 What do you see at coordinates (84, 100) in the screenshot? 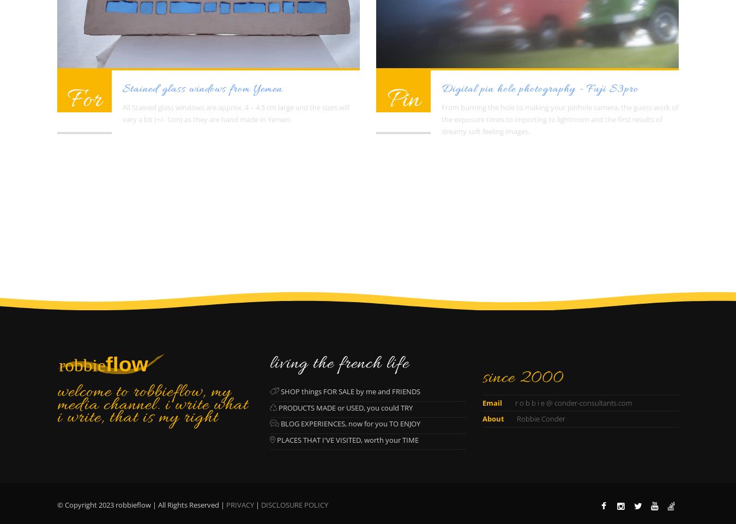
I see `'For'` at bounding box center [84, 100].